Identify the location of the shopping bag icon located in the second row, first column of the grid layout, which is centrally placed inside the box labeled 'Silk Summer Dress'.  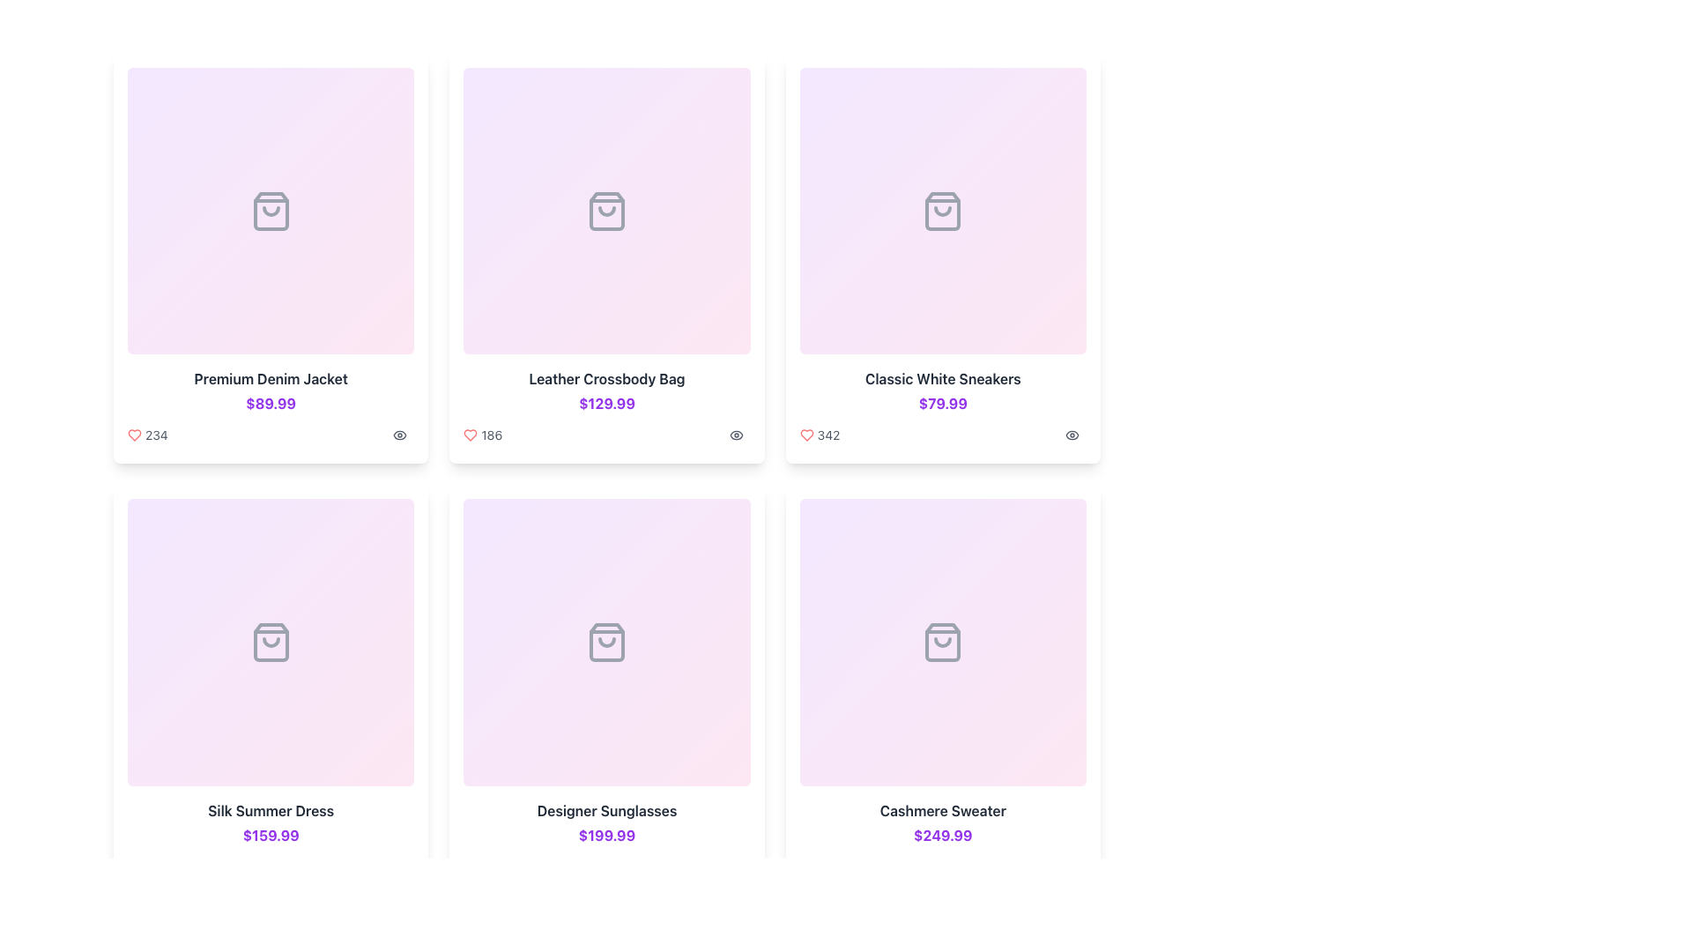
(270, 643).